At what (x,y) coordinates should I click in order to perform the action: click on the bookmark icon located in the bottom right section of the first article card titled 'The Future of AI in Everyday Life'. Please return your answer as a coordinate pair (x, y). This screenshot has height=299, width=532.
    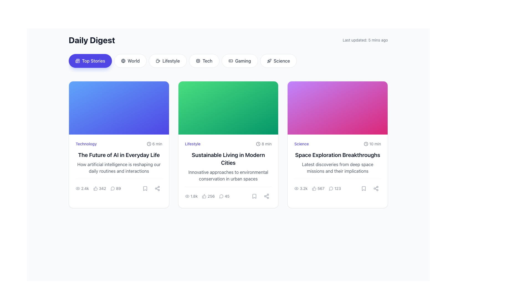
    Looking at the image, I should click on (145, 188).